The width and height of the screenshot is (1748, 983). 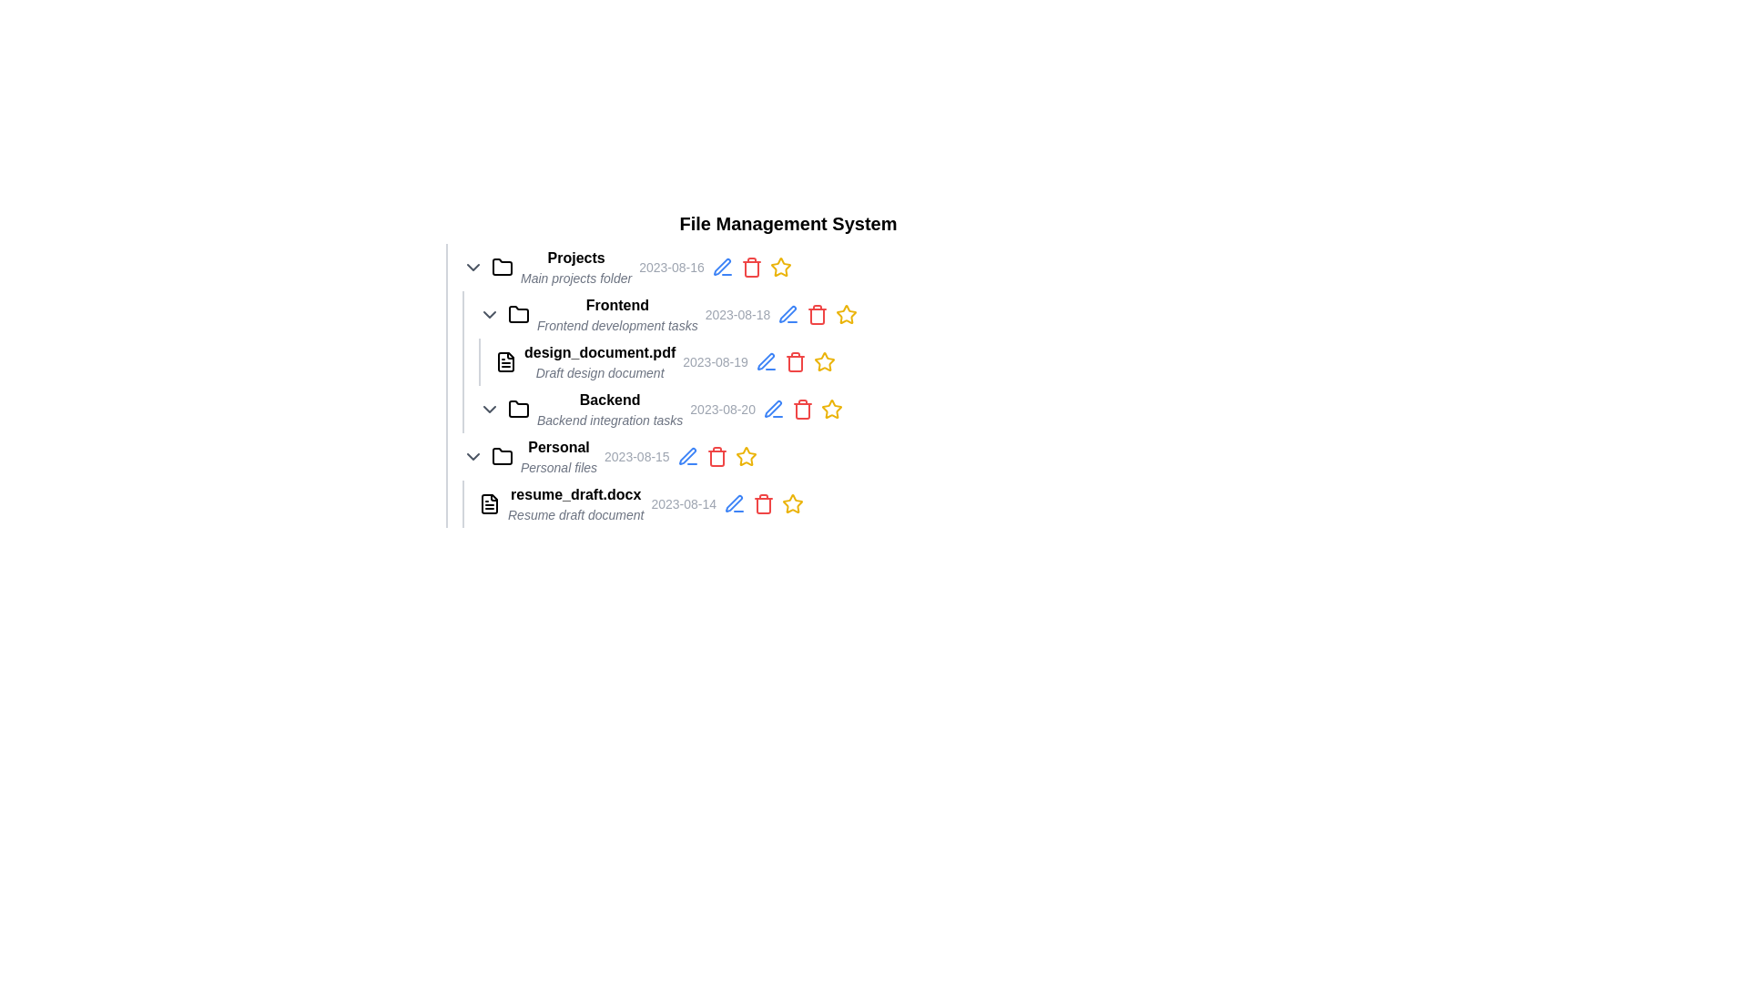 What do you see at coordinates (574, 504) in the screenshot?
I see `the text label titled 'resume_draft.docx' with a description 'Resume draft document'` at bounding box center [574, 504].